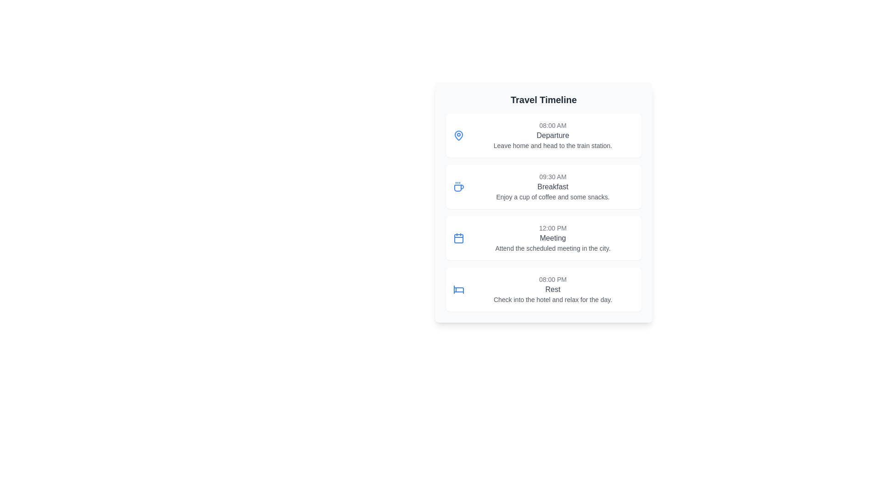  I want to click on the fourth List item card in the Travel Timeline, which features a blue bed icon, the time '08:00 PM', and the activity label 'Rest', so click(544, 290).